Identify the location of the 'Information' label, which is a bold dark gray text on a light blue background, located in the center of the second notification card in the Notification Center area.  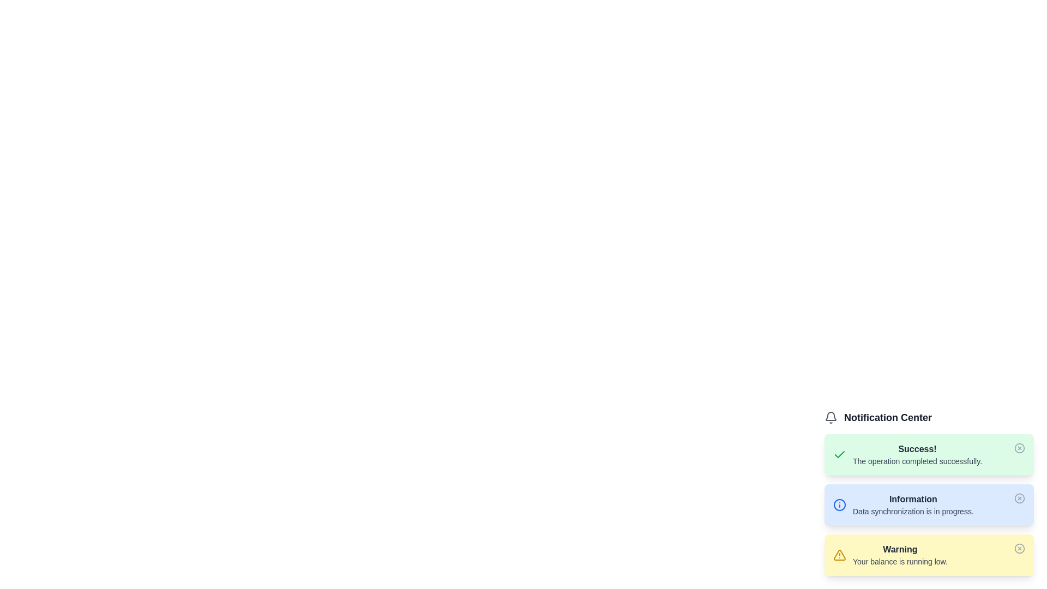
(913, 499).